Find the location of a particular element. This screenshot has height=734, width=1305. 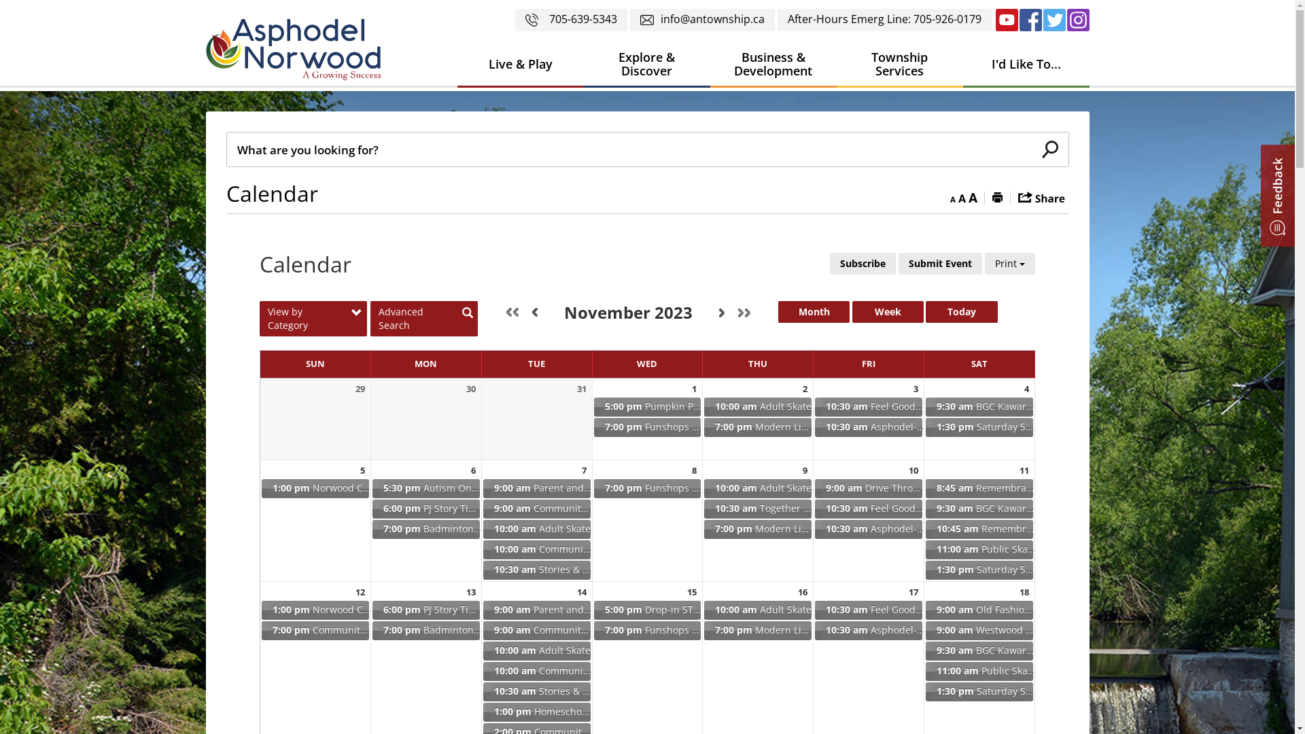

'1:30 pm Saturday Stories' is located at coordinates (979, 692).